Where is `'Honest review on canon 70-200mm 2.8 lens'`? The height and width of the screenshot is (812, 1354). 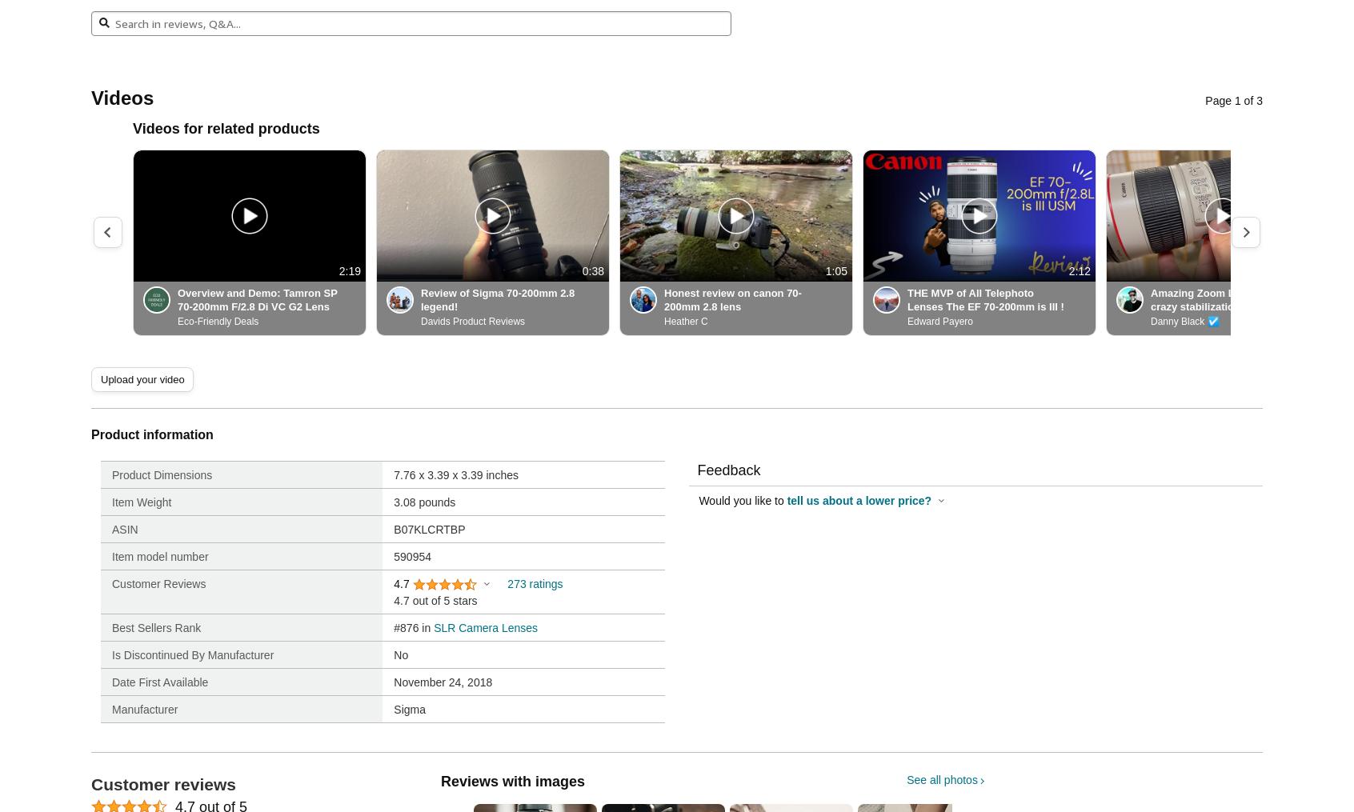 'Honest review on canon 70-200mm 2.8 lens' is located at coordinates (663, 299).